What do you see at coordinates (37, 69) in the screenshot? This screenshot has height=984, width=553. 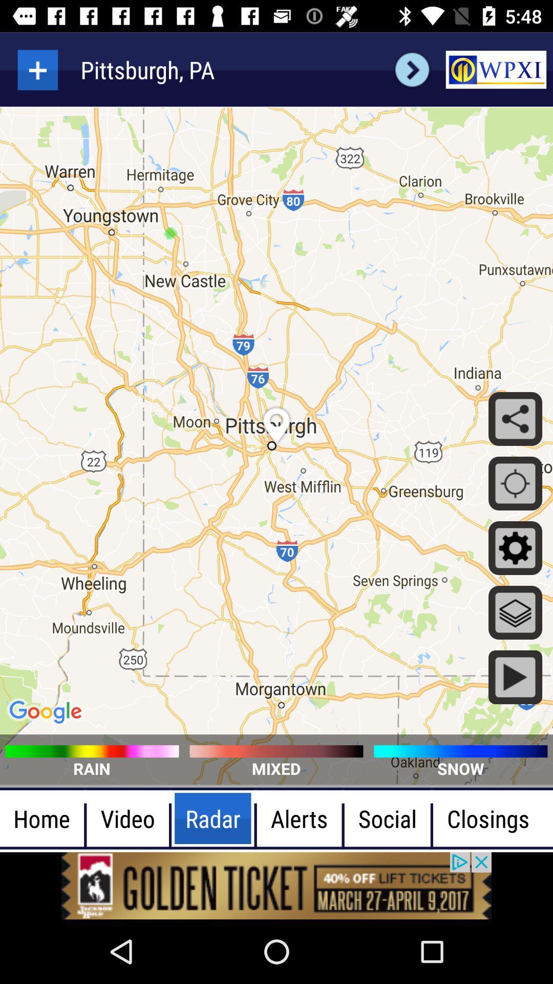 I see `advertisement city` at bounding box center [37, 69].